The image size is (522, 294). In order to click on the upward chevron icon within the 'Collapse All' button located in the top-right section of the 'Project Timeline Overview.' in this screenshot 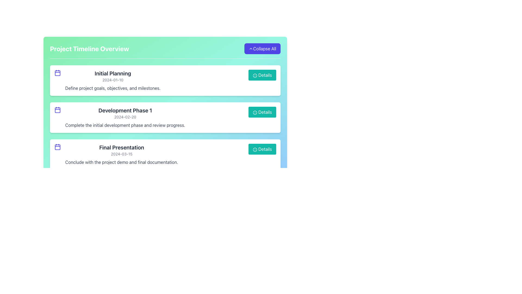, I will do `click(250, 48)`.